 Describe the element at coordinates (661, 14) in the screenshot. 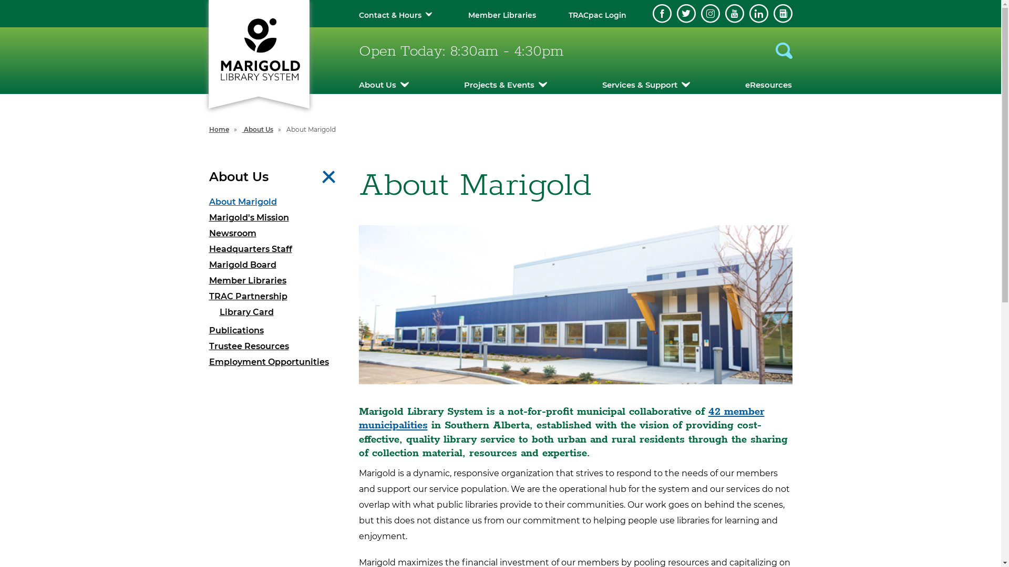

I see `'Facebook'` at that location.